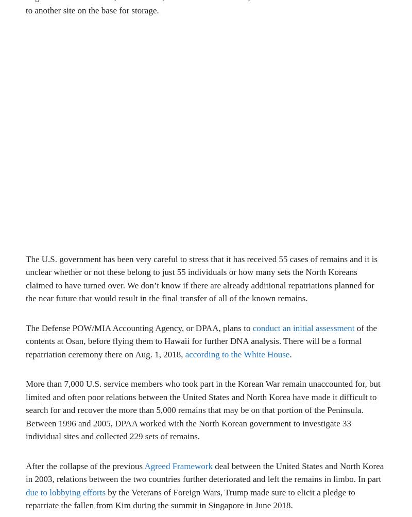  What do you see at coordinates (289, 353) in the screenshot?
I see `'.'` at bounding box center [289, 353].